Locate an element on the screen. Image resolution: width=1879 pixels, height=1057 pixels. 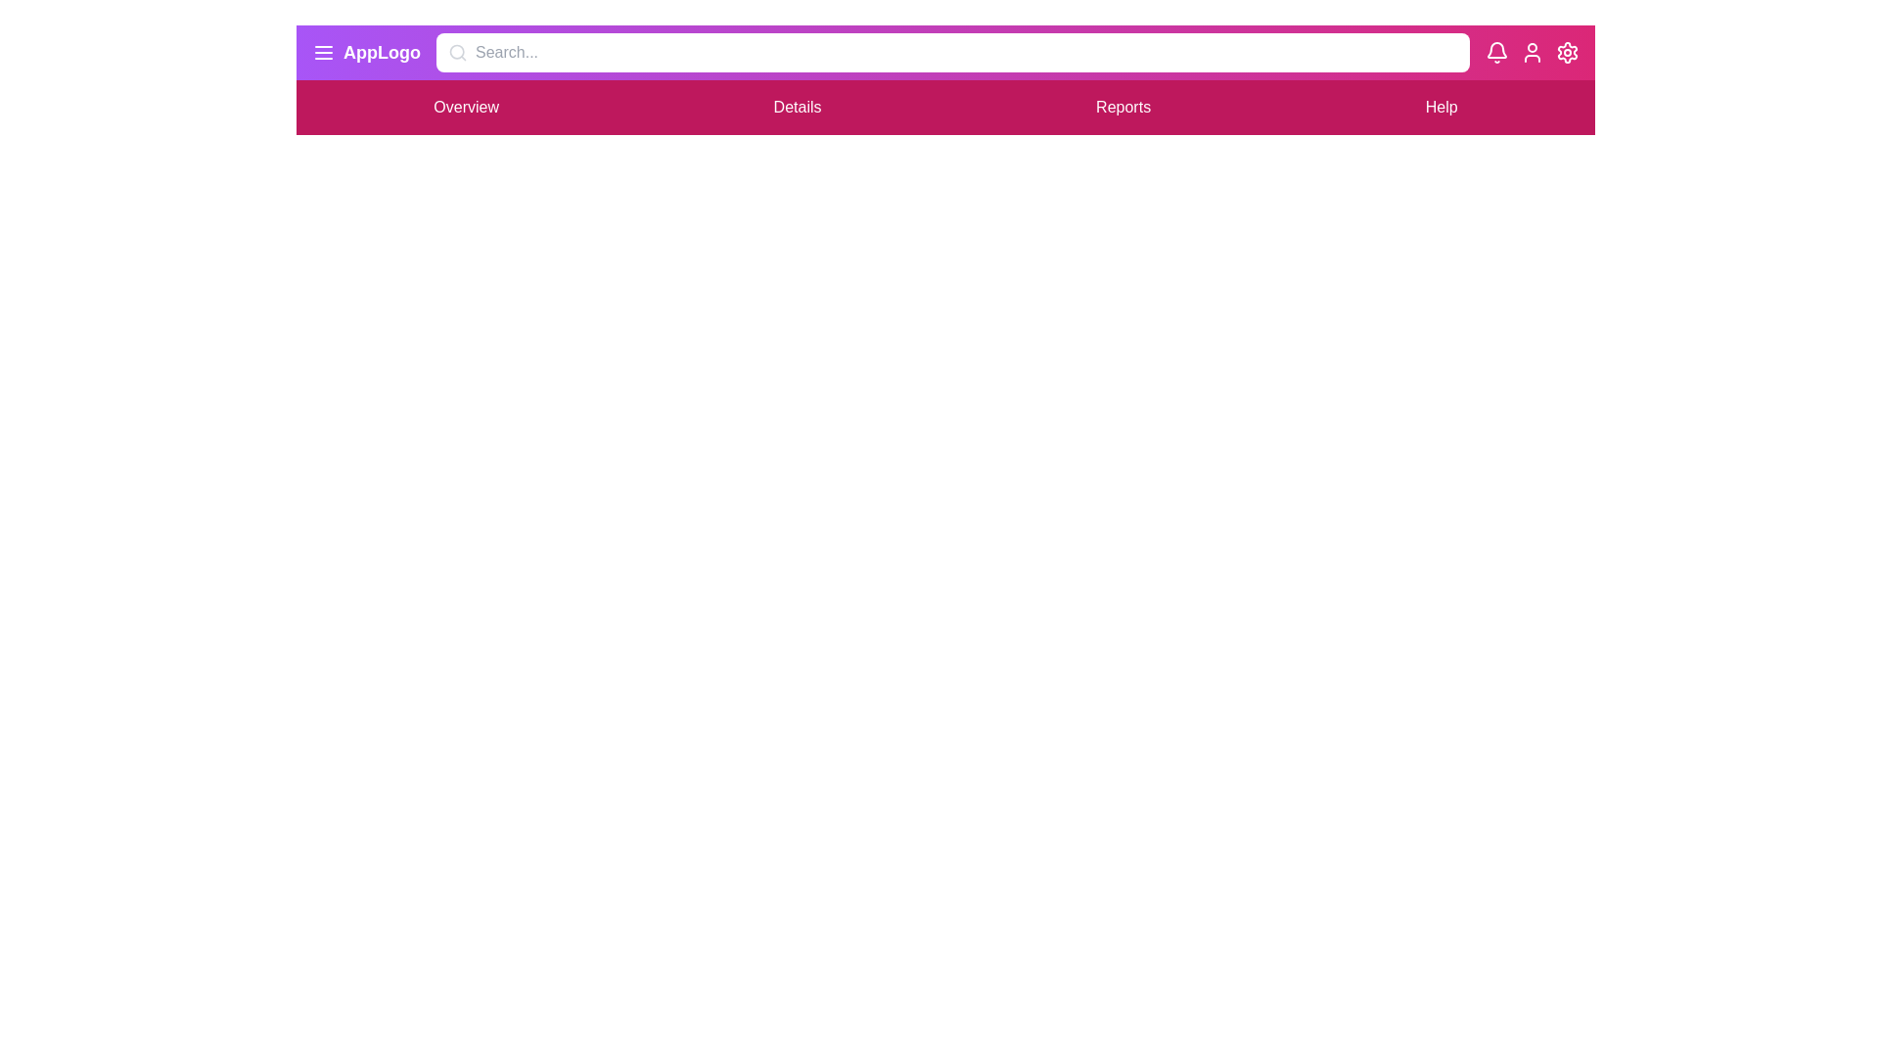
the menu item Reports to navigate is located at coordinates (1123, 108).